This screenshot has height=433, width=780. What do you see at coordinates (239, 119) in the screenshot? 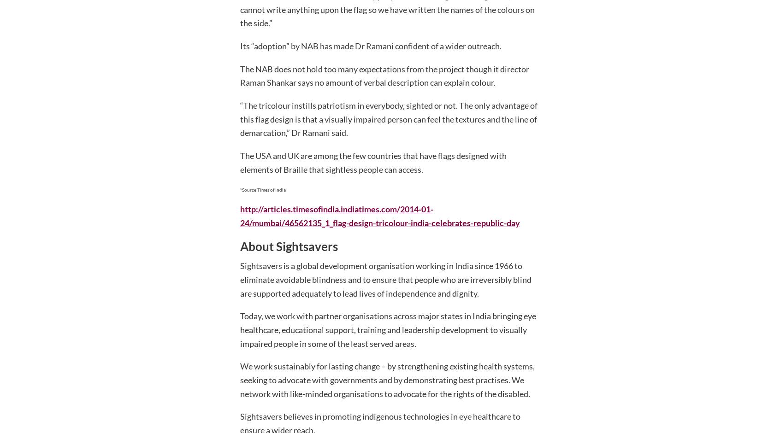
I see `'“The tricolour instills patriotism in everybody, sighted or not. The only advantage of this flag design is that a visually impaired person can feel the textures and the line of demarcation,” Dr Ramani said.'` at bounding box center [239, 119].